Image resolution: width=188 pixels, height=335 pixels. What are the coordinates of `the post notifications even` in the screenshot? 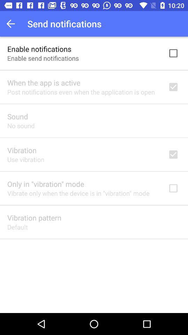 It's located at (80, 91).